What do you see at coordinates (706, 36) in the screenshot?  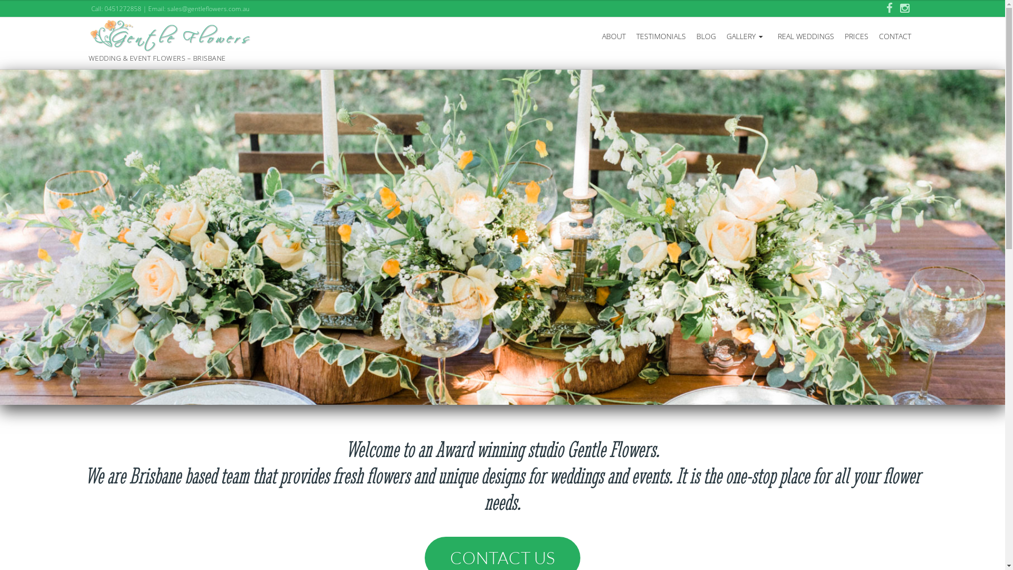 I see `'BLOG'` at bounding box center [706, 36].